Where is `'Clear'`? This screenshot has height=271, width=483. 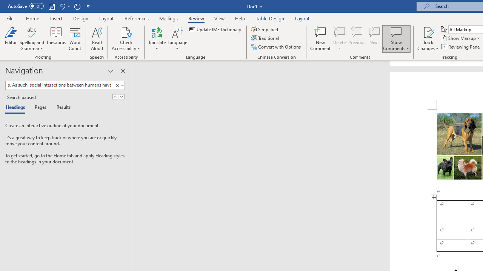
'Clear' is located at coordinates (117, 85).